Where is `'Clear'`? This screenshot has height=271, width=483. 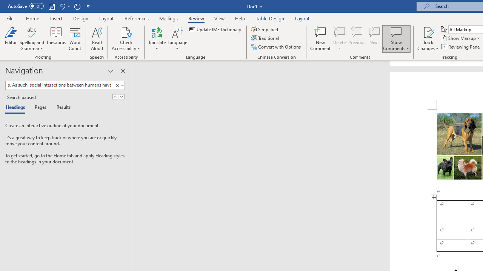
'Clear' is located at coordinates (117, 85).